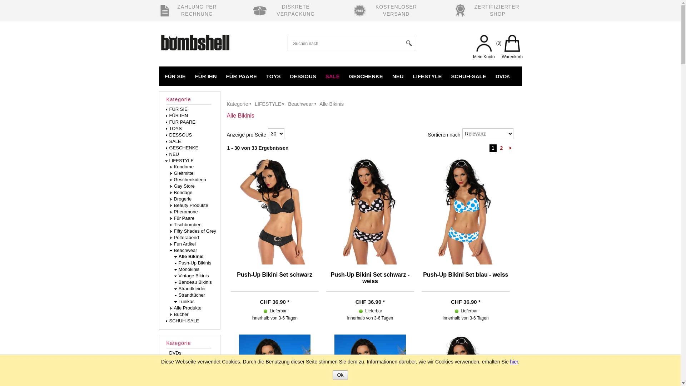 Image resolution: width=686 pixels, height=386 pixels. Describe the element at coordinates (173, 307) in the screenshot. I see `' Alle Produkte'` at that location.